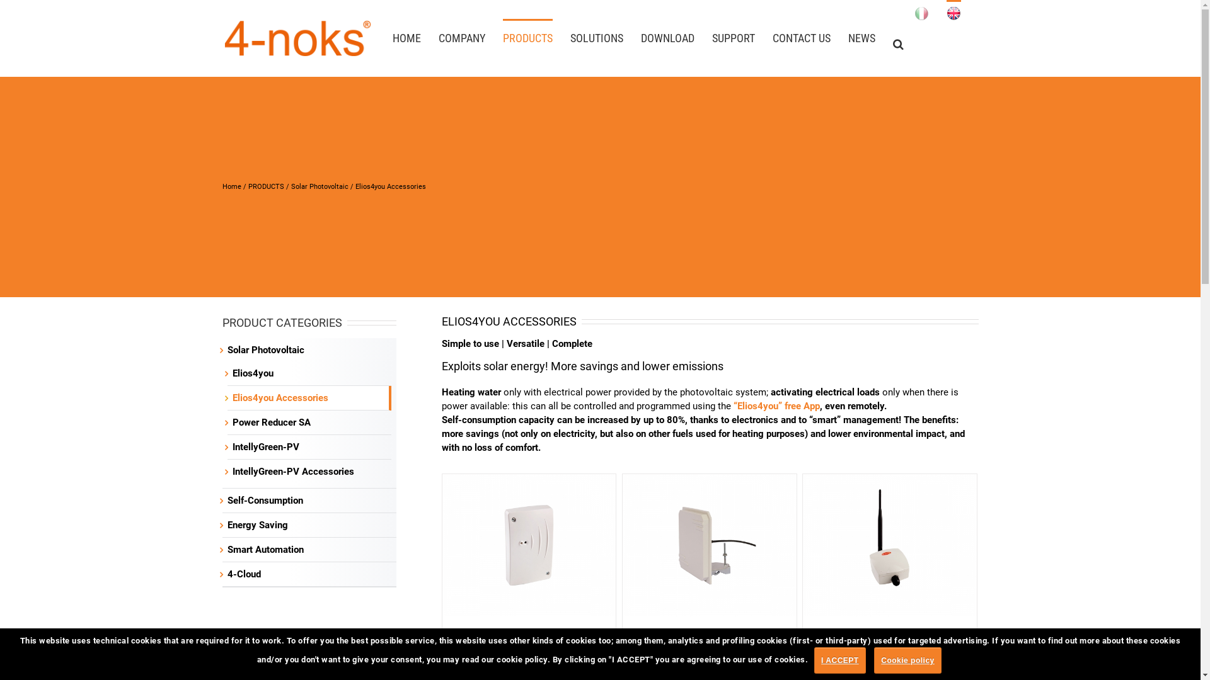  What do you see at coordinates (262, 186) in the screenshot?
I see `' / PRODUCTS'` at bounding box center [262, 186].